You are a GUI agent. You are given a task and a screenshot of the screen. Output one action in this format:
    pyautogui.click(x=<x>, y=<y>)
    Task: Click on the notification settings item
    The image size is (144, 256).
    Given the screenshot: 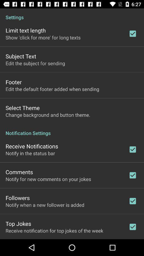 What is the action you would take?
    pyautogui.click(x=72, y=130)
    